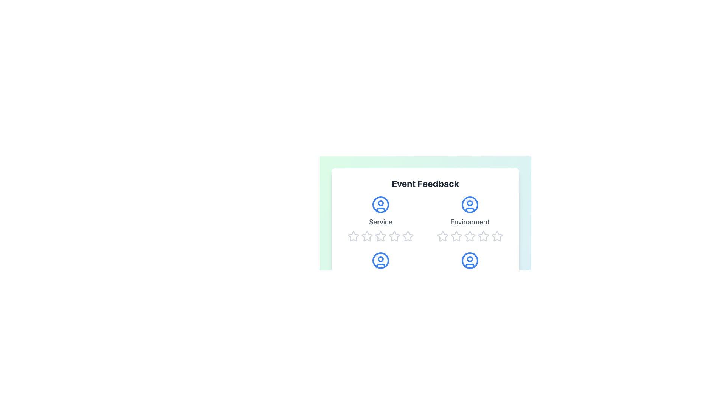  What do you see at coordinates (483, 236) in the screenshot?
I see `the fifth star-shaped icon in the rating mechanism under the 'Environment' label` at bounding box center [483, 236].